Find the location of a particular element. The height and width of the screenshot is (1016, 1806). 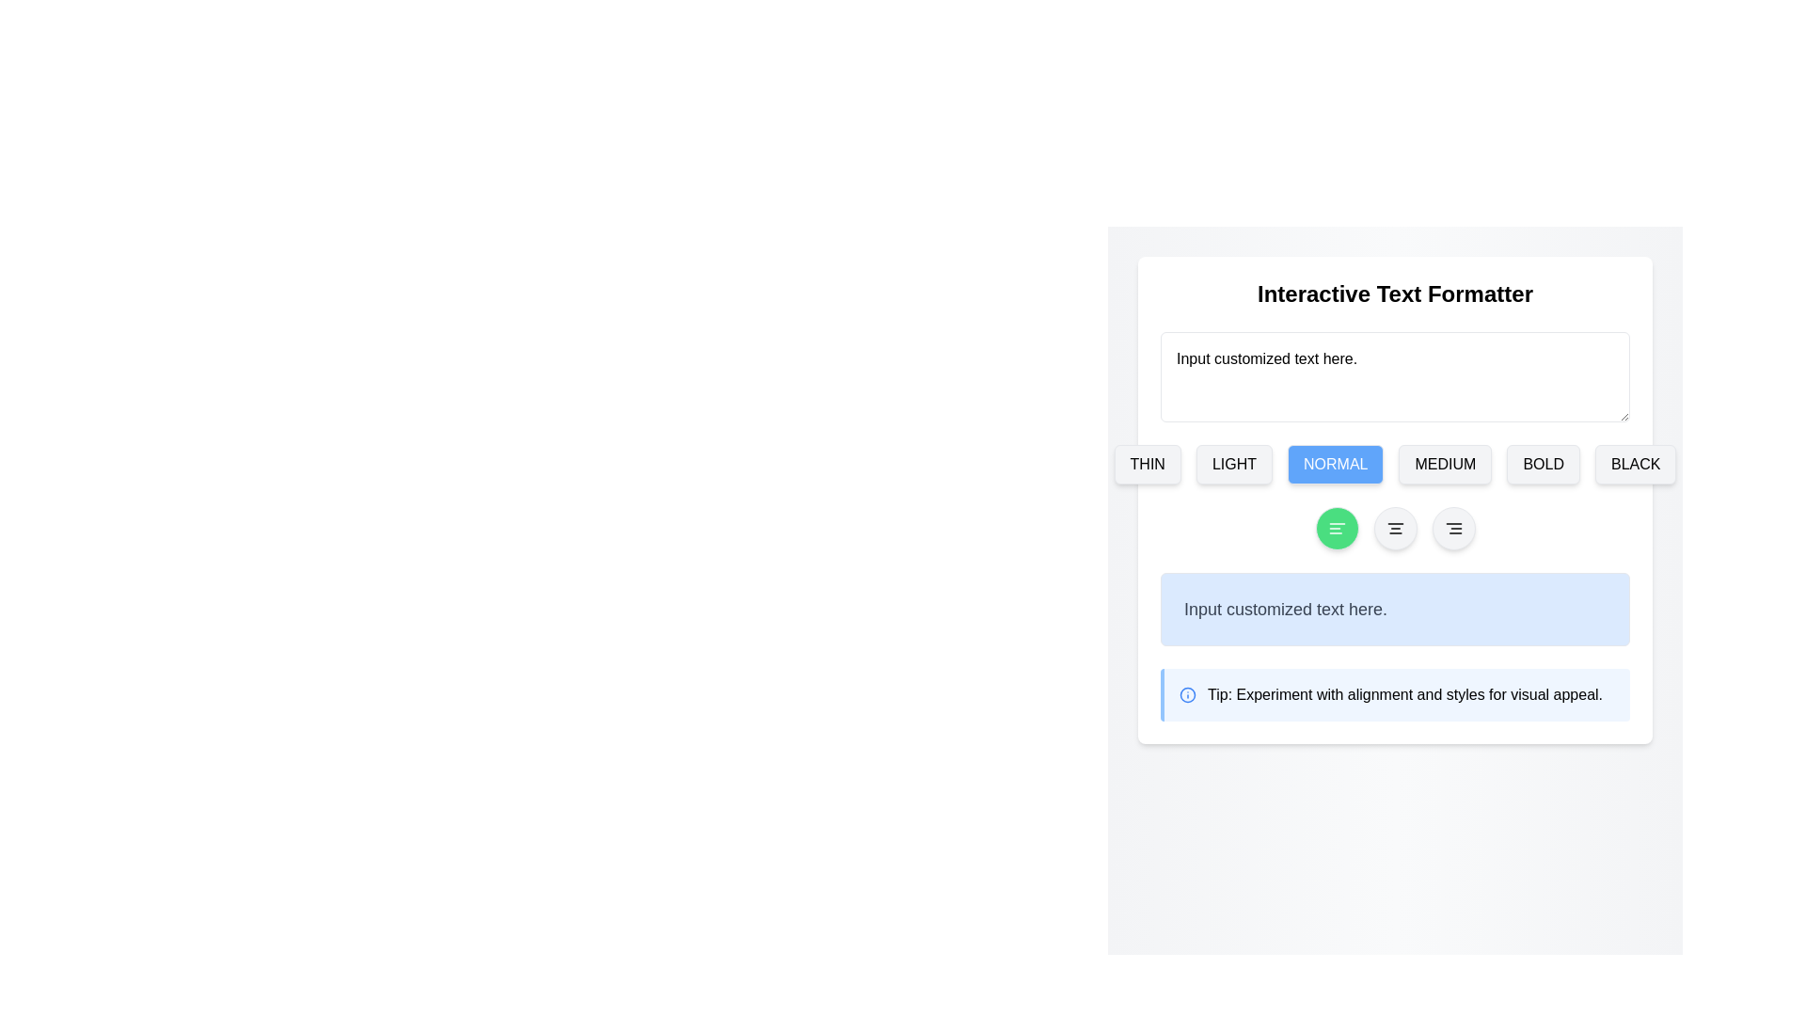

the 'NORMAL' button with a blue background and white text is located at coordinates (1335, 464).